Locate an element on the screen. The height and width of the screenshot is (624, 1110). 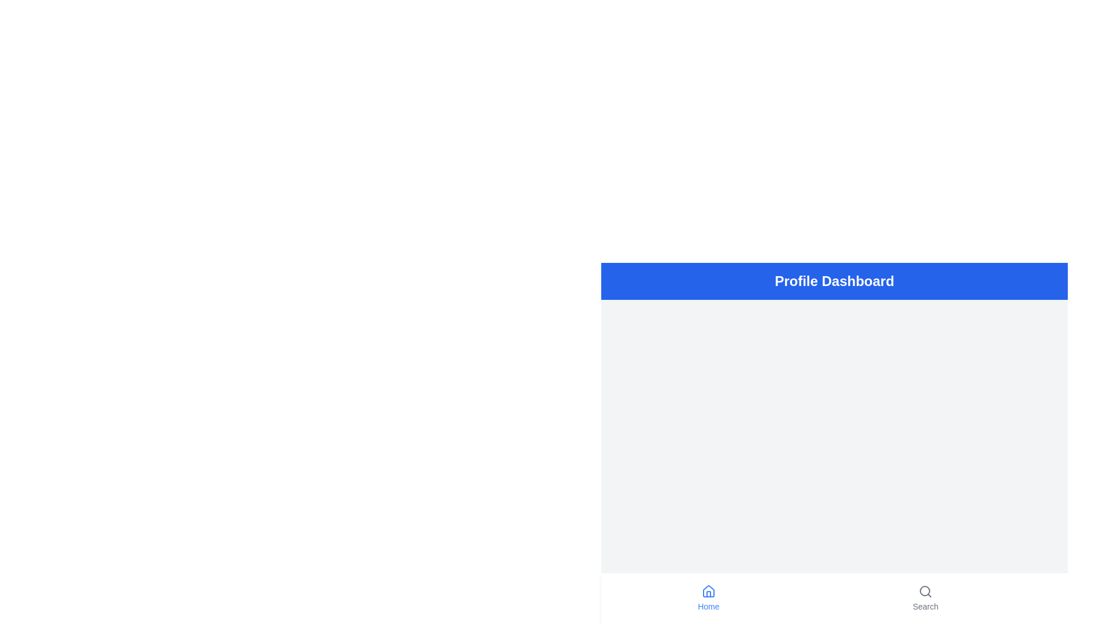
the 'Home' text label which is styled in blue and positioned below the Home icon in the bottom navigation bar is located at coordinates (708, 606).